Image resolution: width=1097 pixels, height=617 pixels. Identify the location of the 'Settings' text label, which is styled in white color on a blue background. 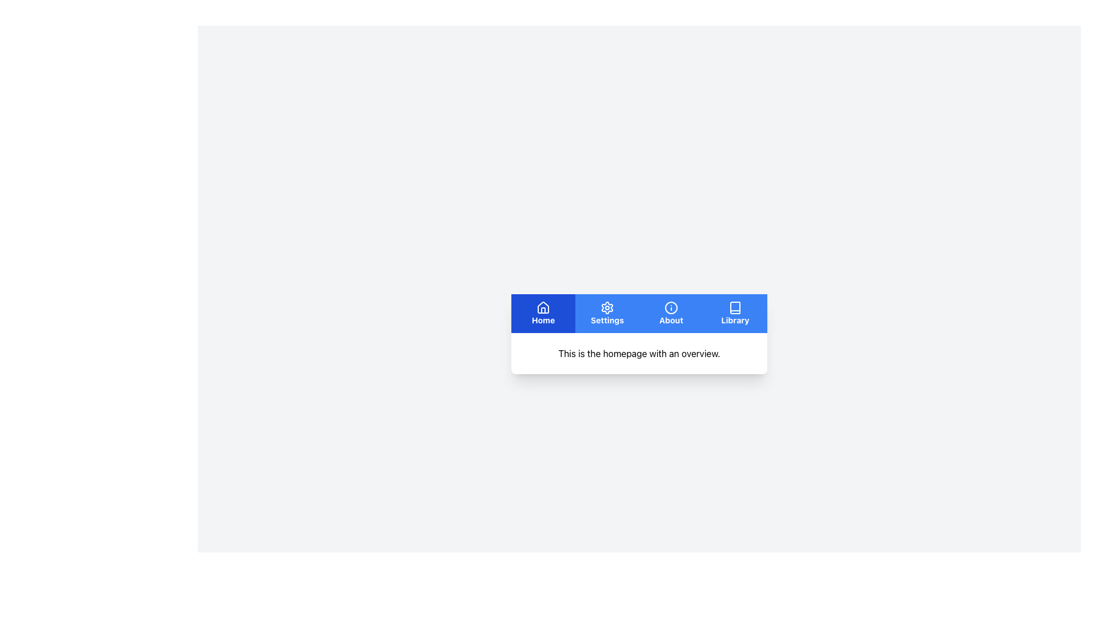
(606, 320).